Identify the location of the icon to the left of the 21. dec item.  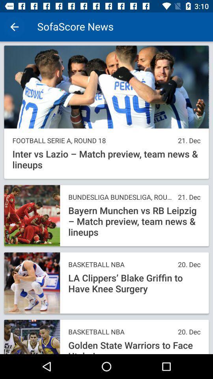
(93, 141).